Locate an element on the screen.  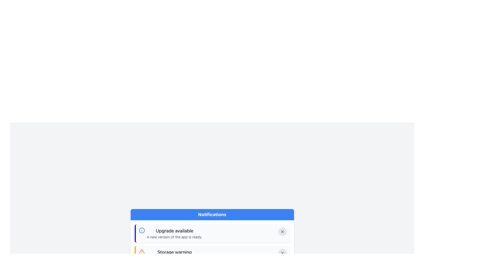
the orange-colored triangle icon with a warning symbol located to the left of the 'Storage warning' text in the notification card is located at coordinates (142, 251).